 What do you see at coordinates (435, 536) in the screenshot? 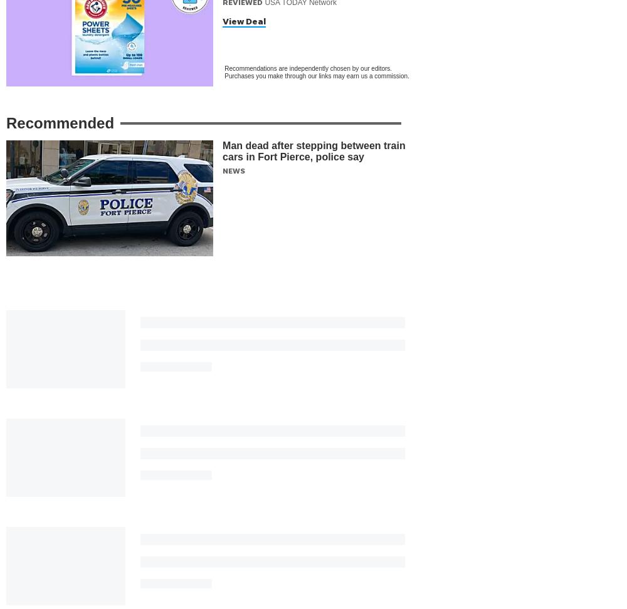
I see `'Homes'` at bounding box center [435, 536].